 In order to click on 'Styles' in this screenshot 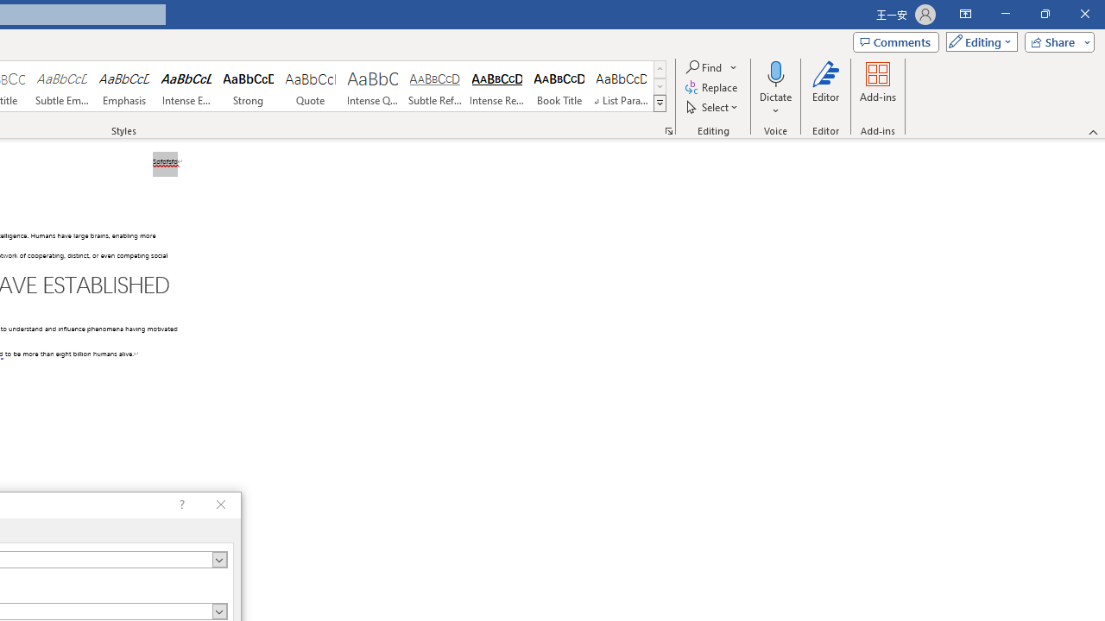, I will do `click(659, 103)`.